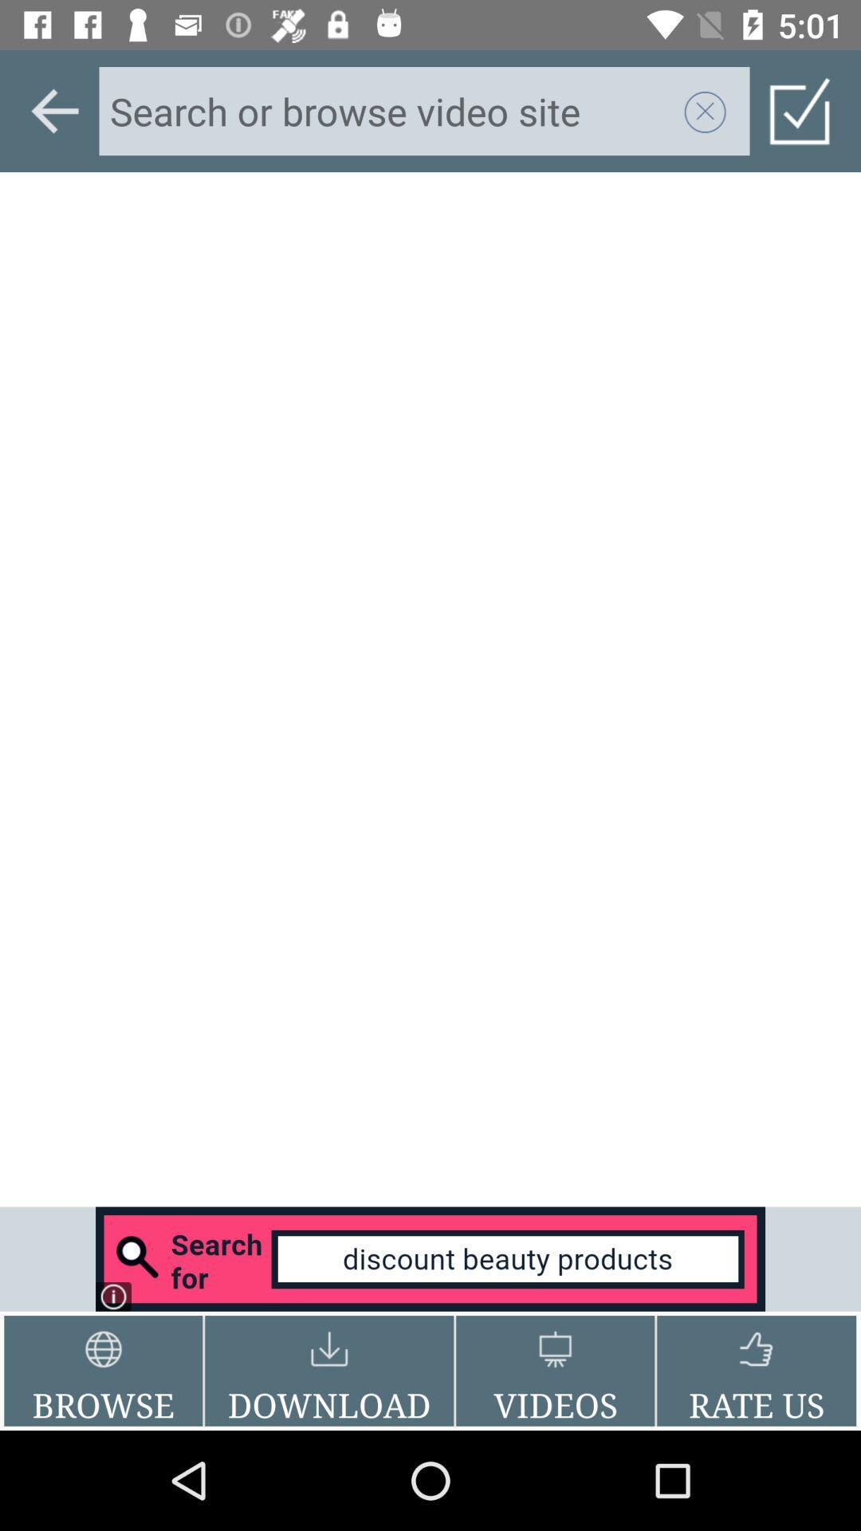 This screenshot has width=861, height=1531. Describe the element at coordinates (431, 1258) in the screenshot. I see `open search bar` at that location.